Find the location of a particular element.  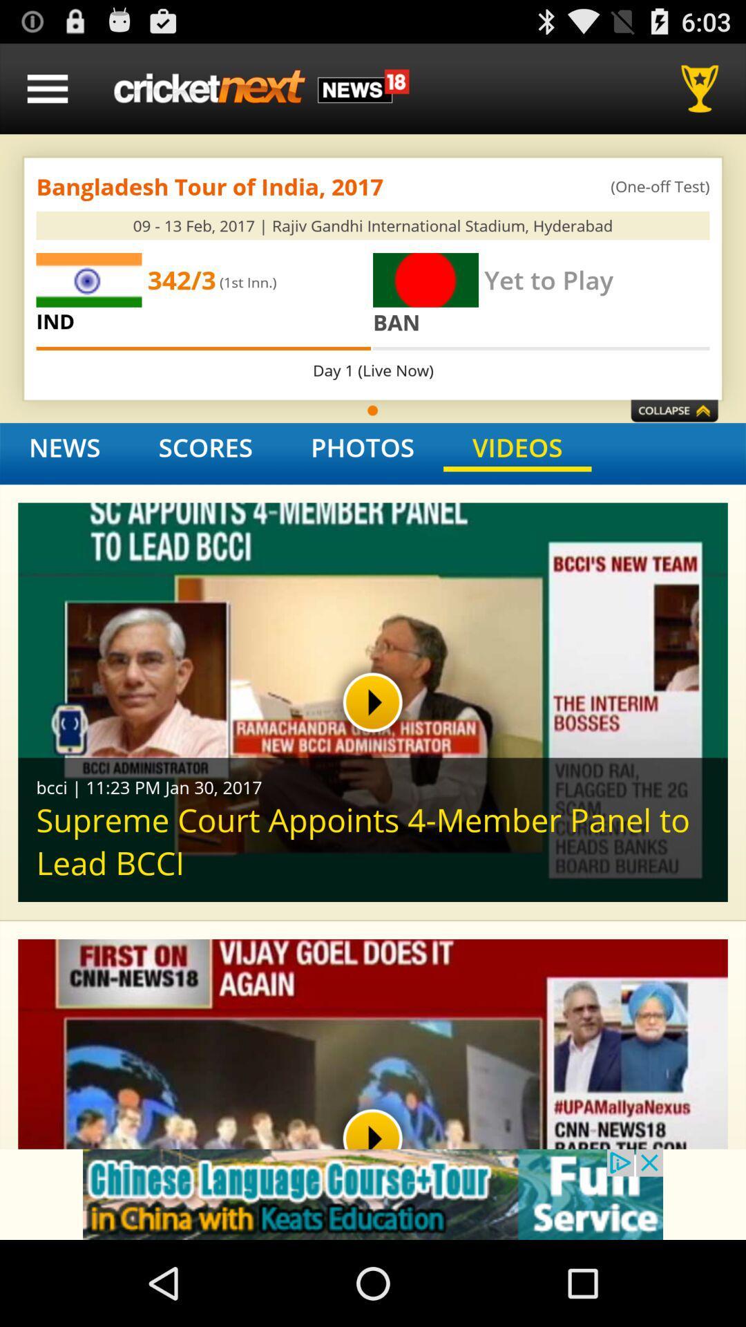

rewards is located at coordinates (704, 88).